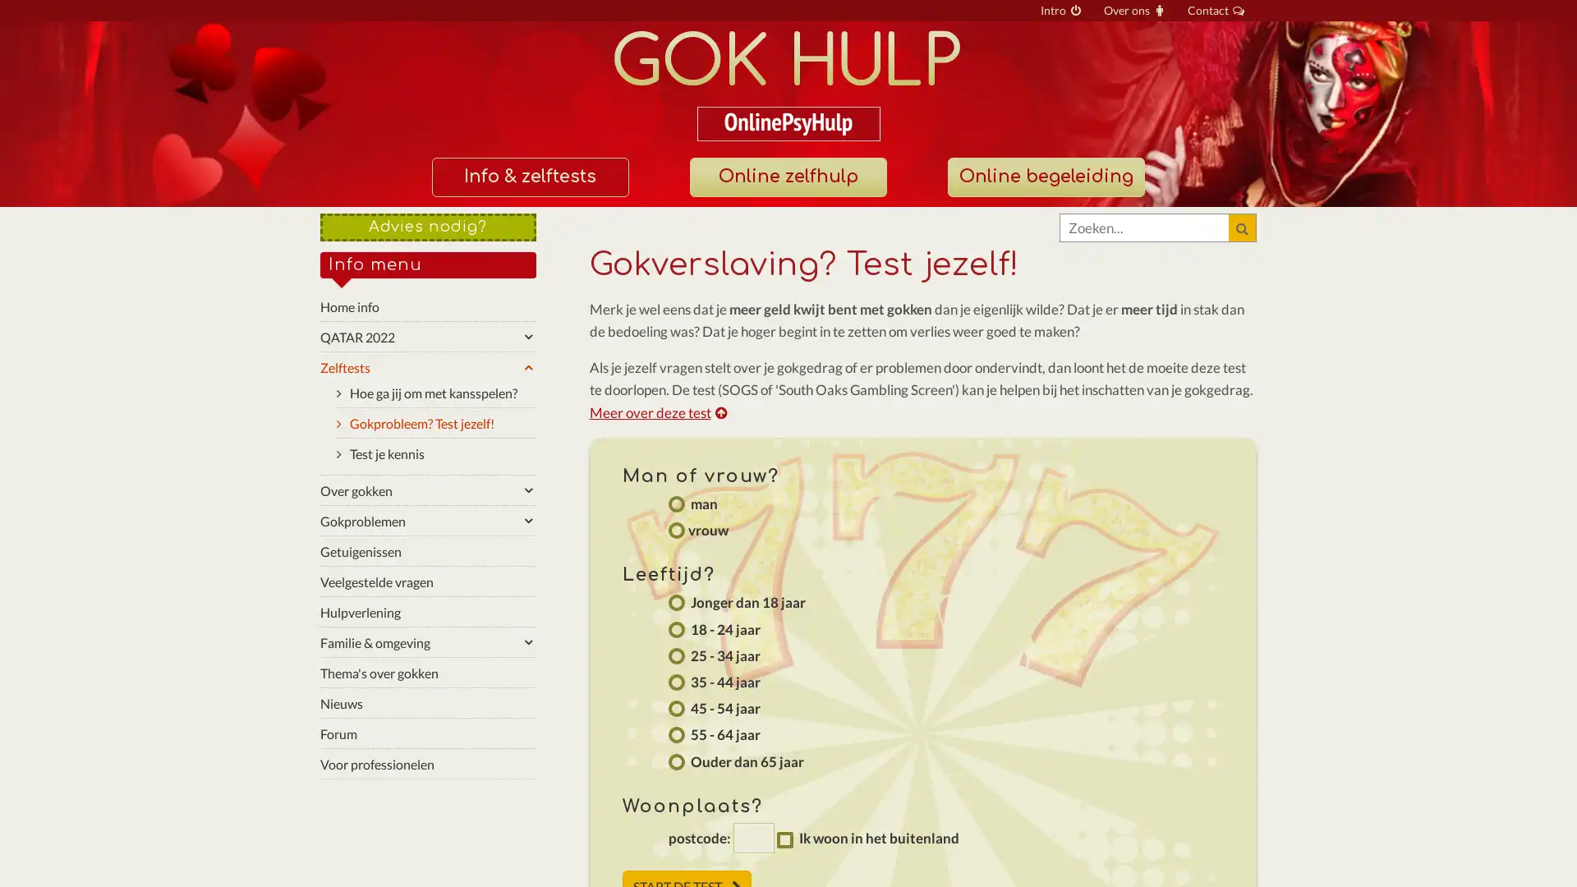 This screenshot has width=1577, height=887. I want to click on Online begeleiding, so click(1044, 177).